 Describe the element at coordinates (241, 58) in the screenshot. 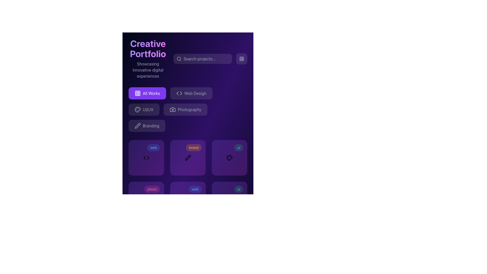

I see `the grid icon button located in the top-right corner of the interface` at that location.